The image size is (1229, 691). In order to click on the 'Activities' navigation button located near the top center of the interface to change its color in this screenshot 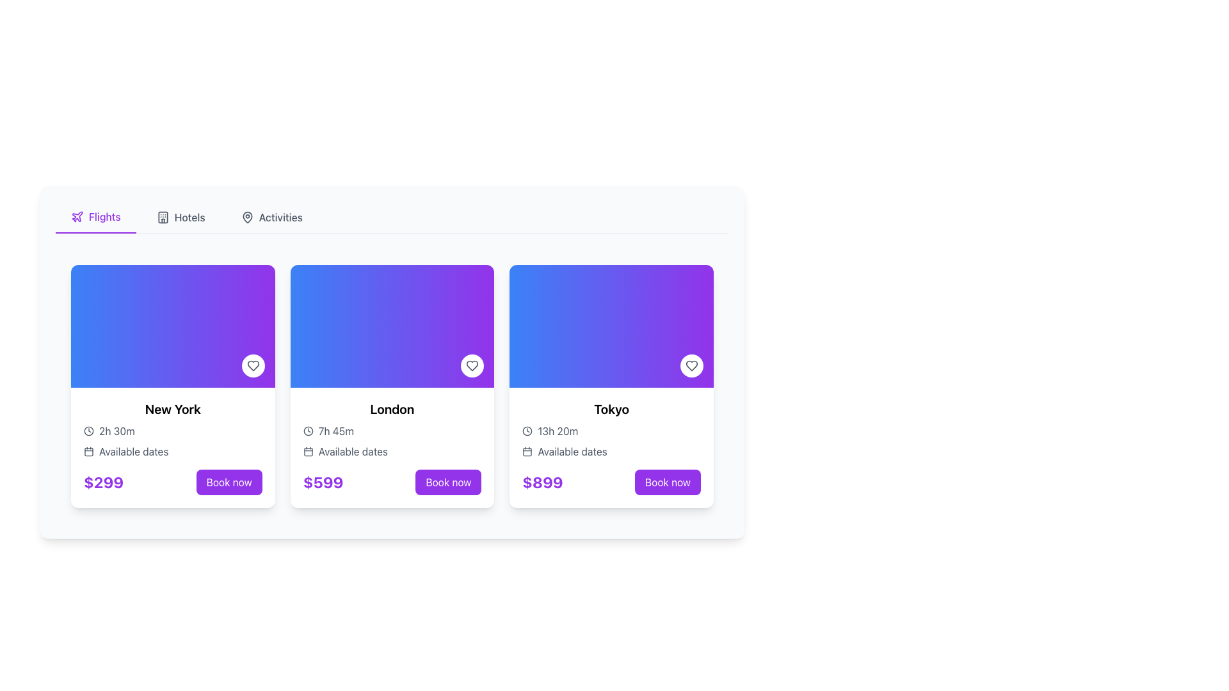, I will do `click(271, 216)`.